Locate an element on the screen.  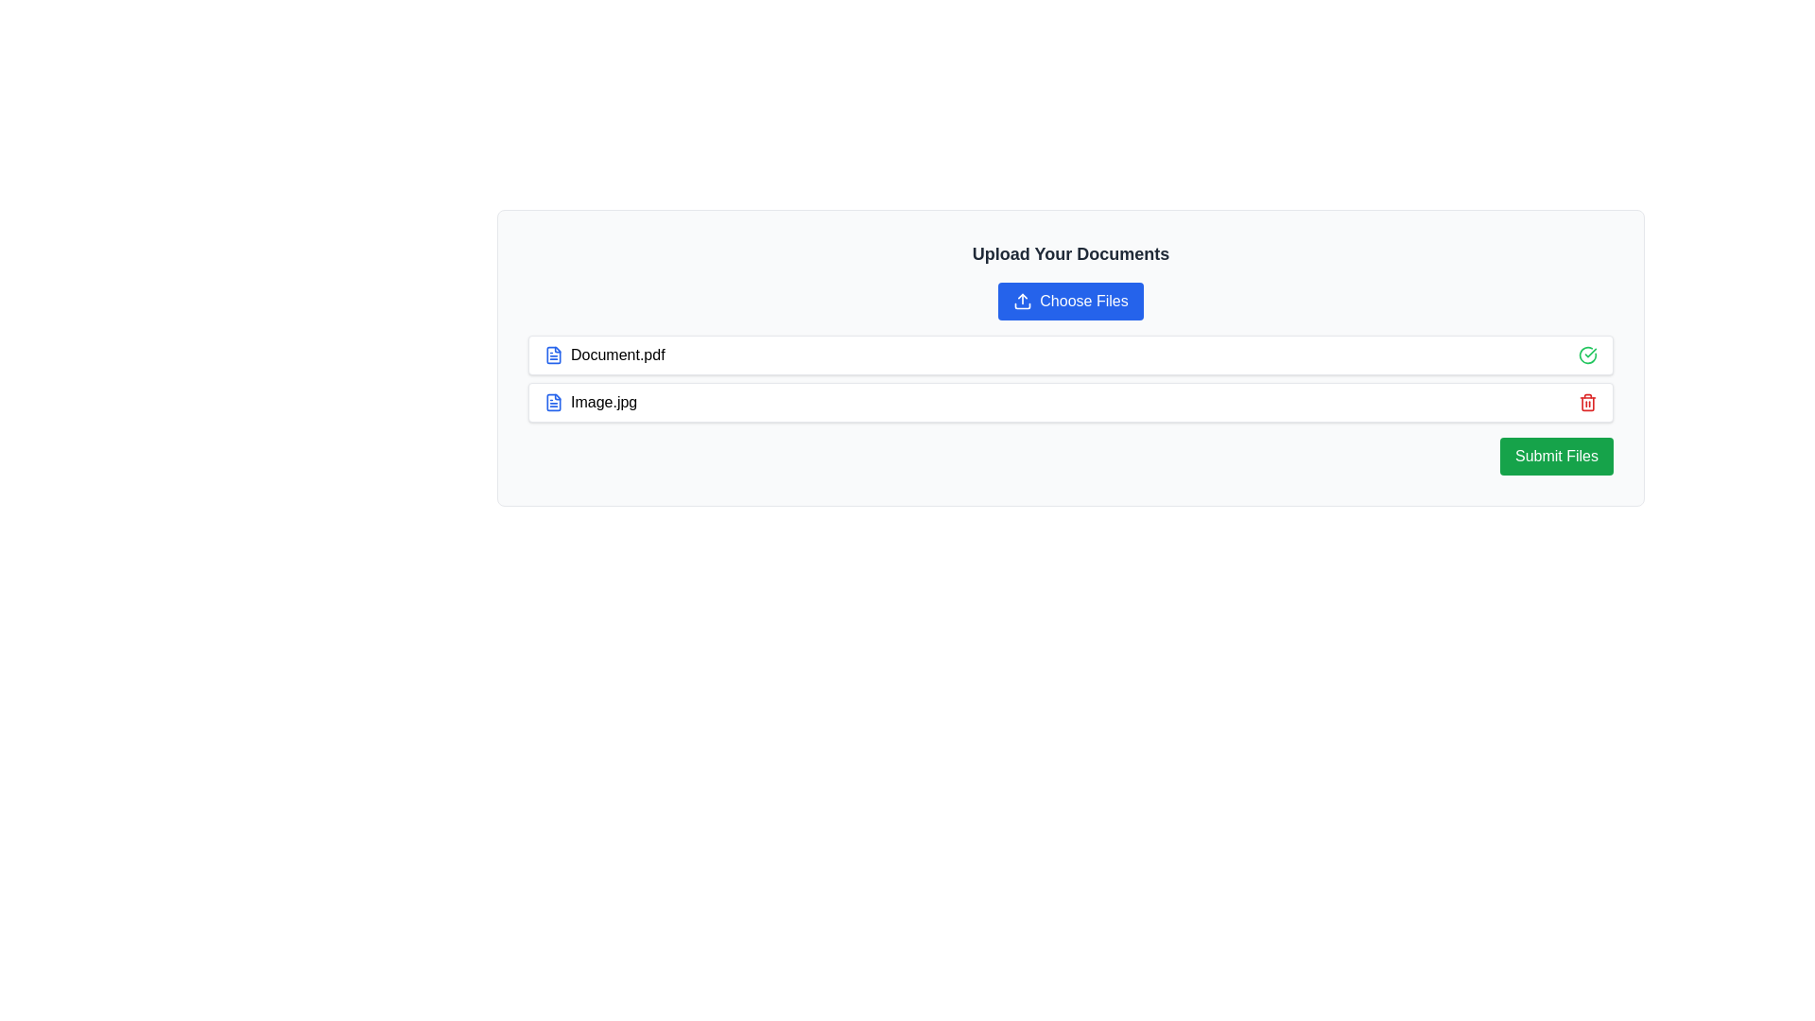
the second row of the file entry component displaying 'Image.jpg', located below 'Document.pdf' is located at coordinates (1070, 401).